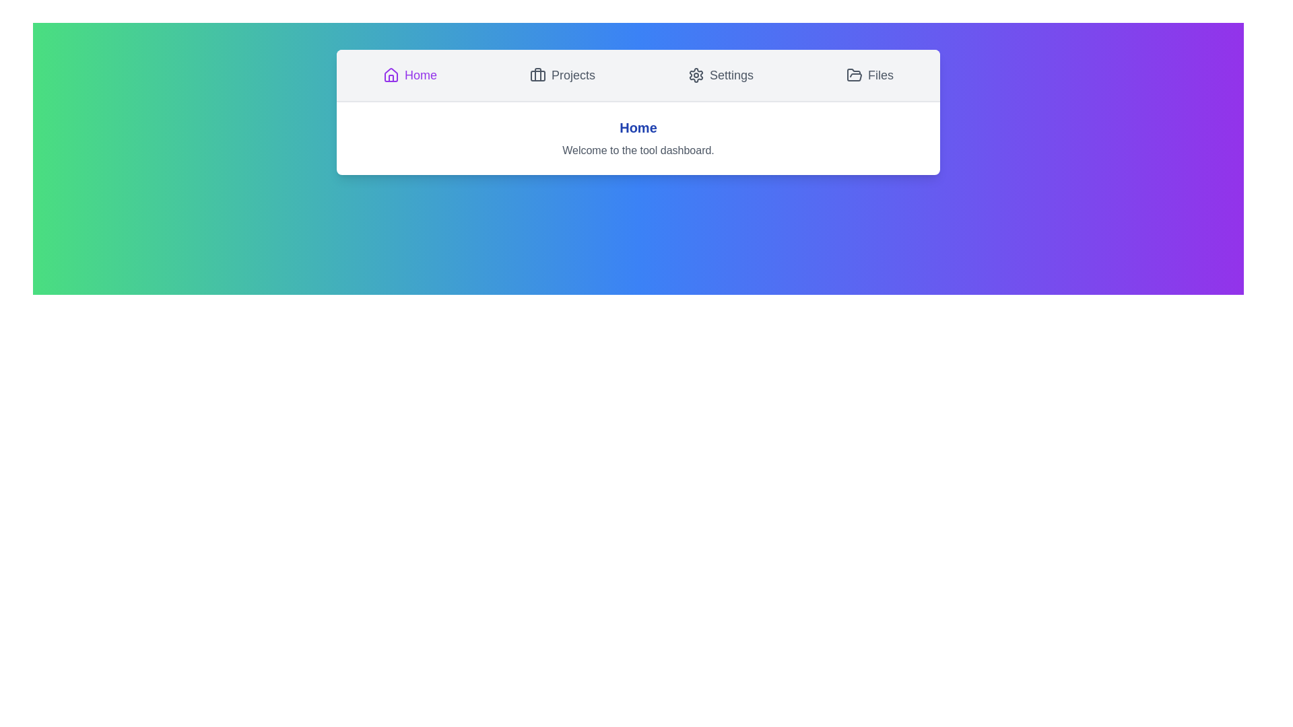 This screenshot has width=1293, height=727. I want to click on the Settings button to observe its hover effect, so click(720, 75).